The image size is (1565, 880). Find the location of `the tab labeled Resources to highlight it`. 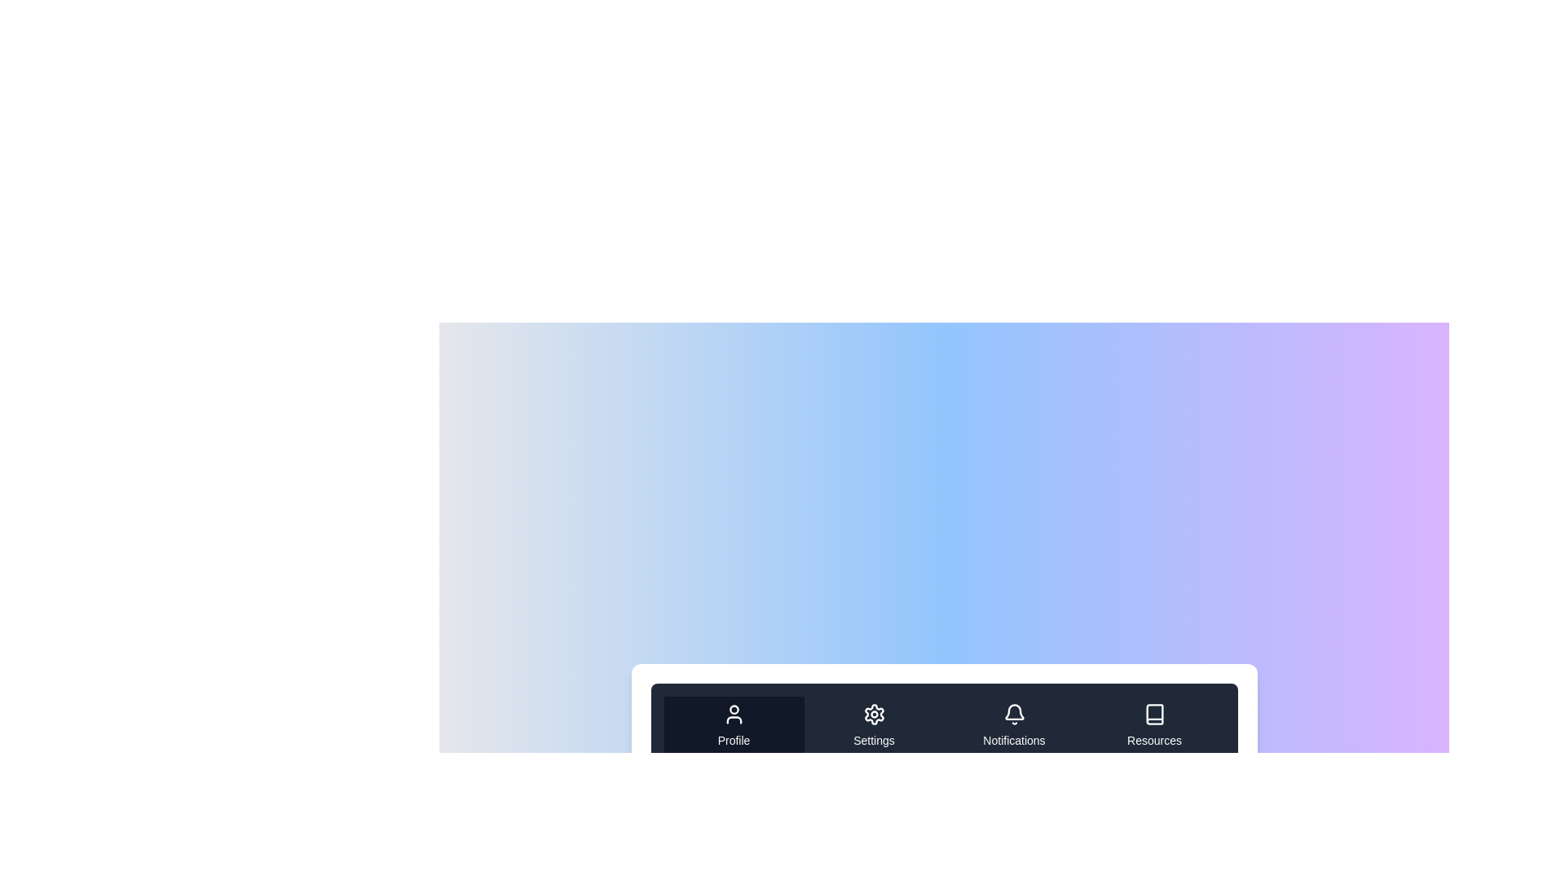

the tab labeled Resources to highlight it is located at coordinates (1153, 725).